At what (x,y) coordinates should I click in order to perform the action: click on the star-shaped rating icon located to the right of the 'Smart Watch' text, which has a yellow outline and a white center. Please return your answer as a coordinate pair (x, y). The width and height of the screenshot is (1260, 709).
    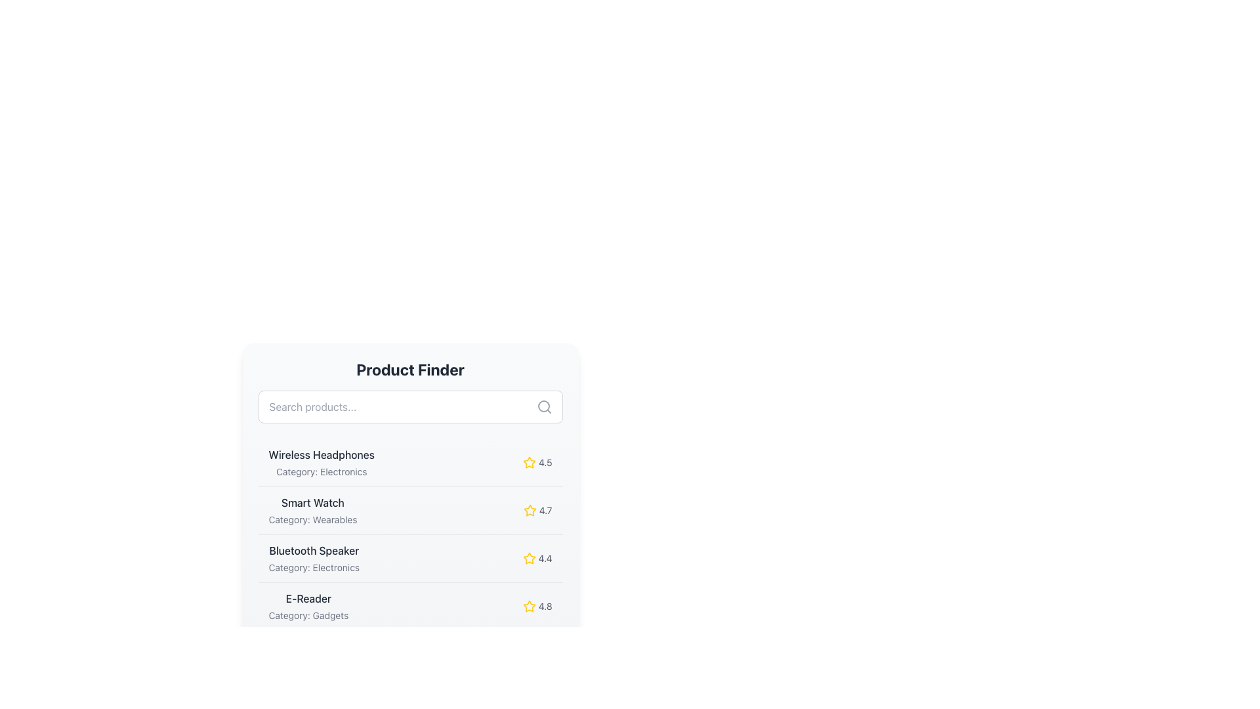
    Looking at the image, I should click on (530, 510).